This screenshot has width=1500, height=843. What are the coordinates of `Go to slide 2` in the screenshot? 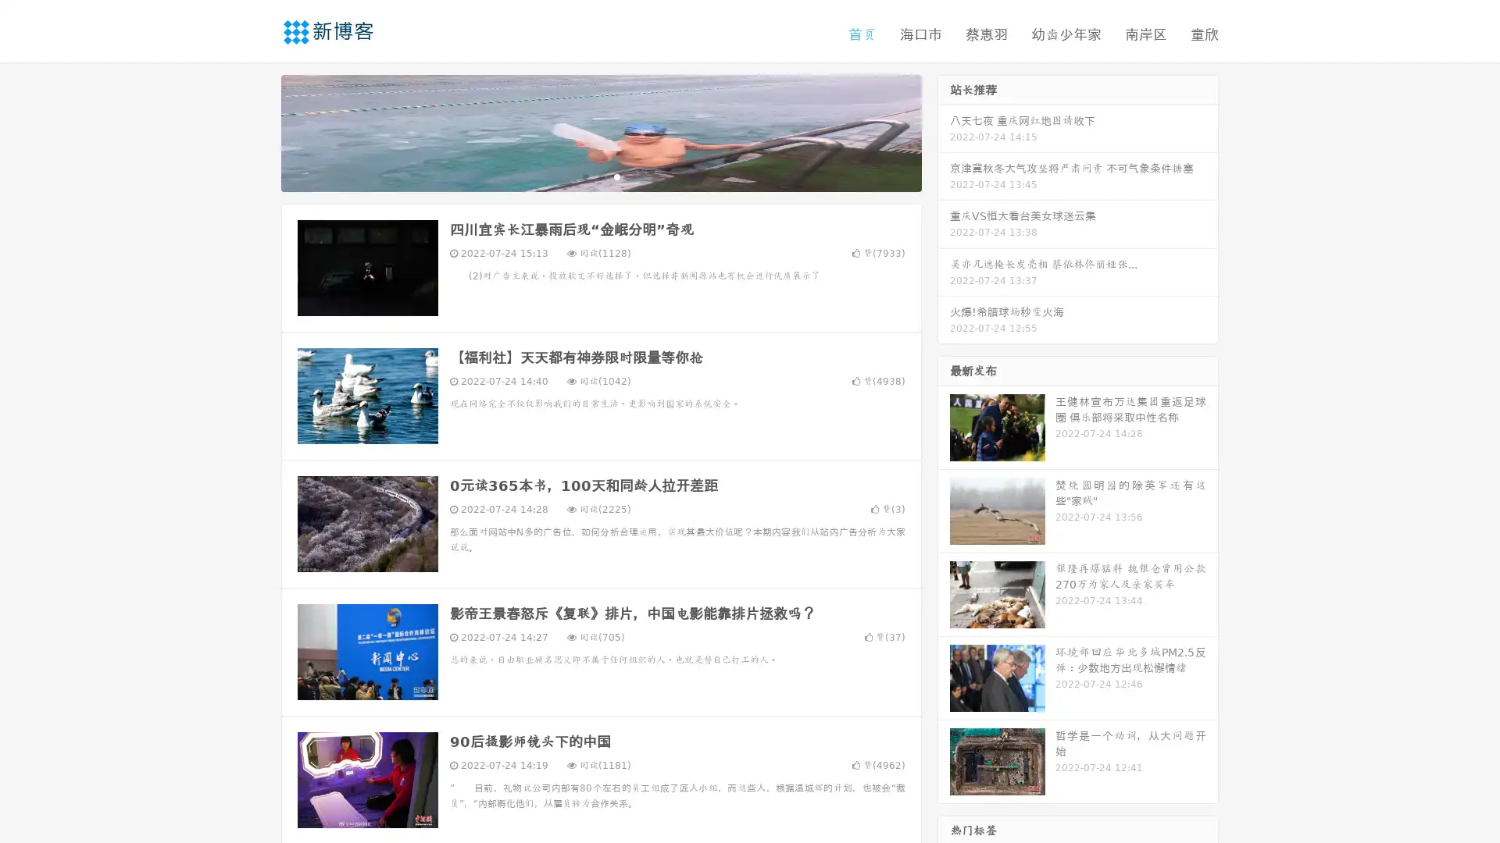 It's located at (600, 176).